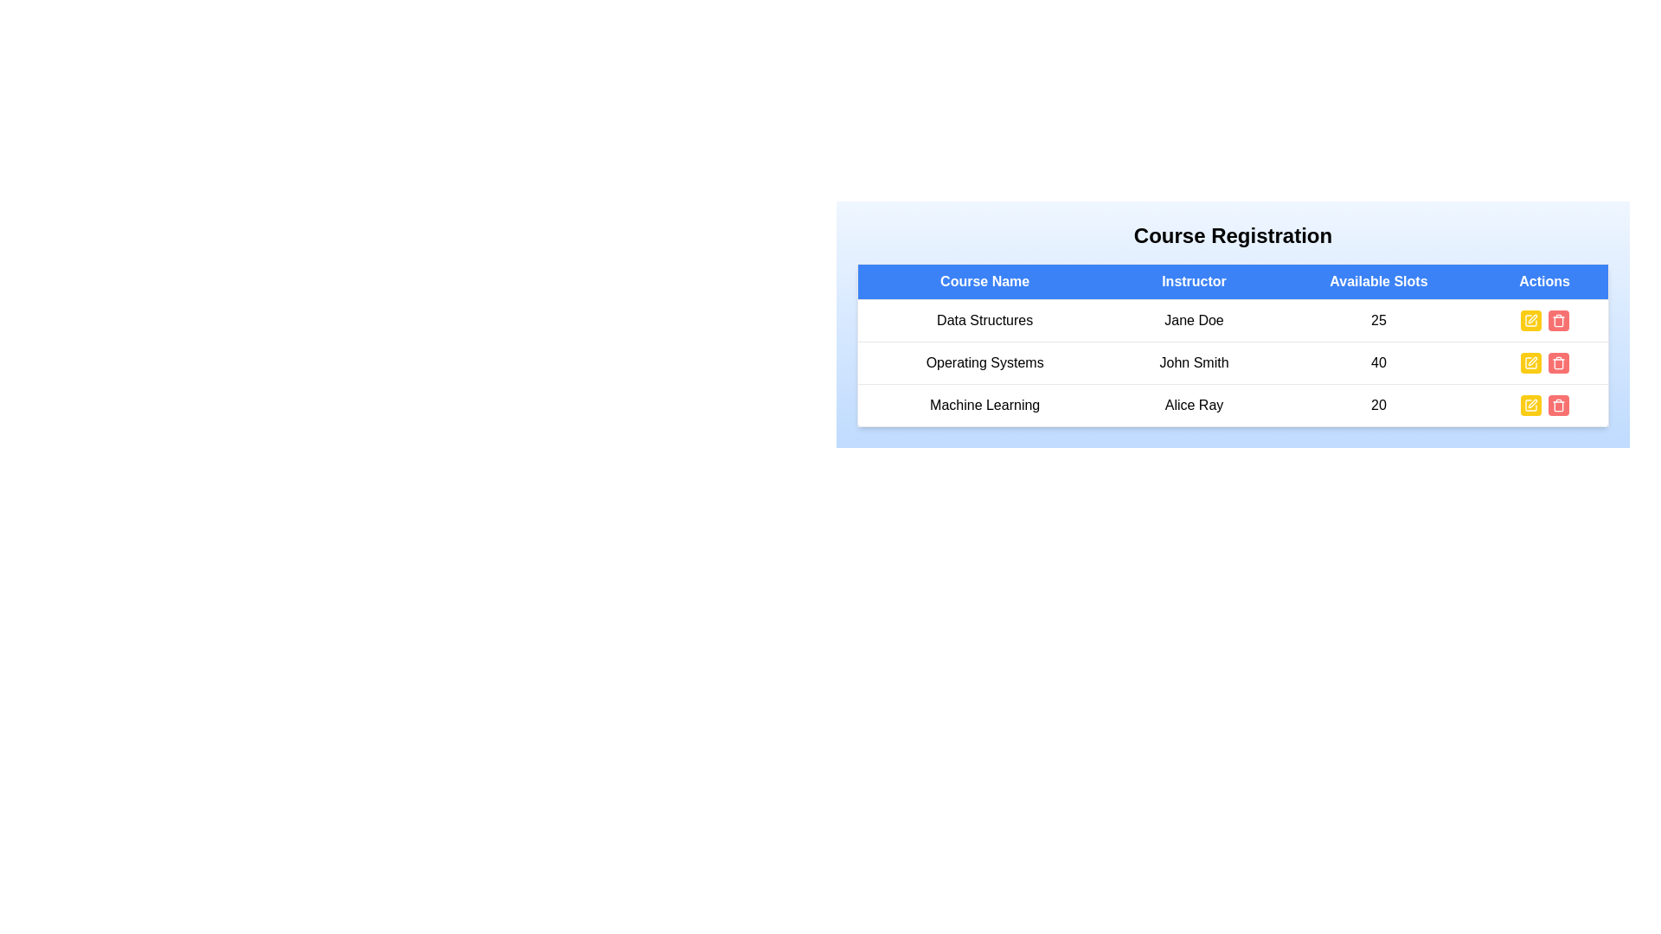 The width and height of the screenshot is (1661, 934). Describe the element at coordinates (1530, 406) in the screenshot. I see `edit button for the course Machine Learning` at that location.